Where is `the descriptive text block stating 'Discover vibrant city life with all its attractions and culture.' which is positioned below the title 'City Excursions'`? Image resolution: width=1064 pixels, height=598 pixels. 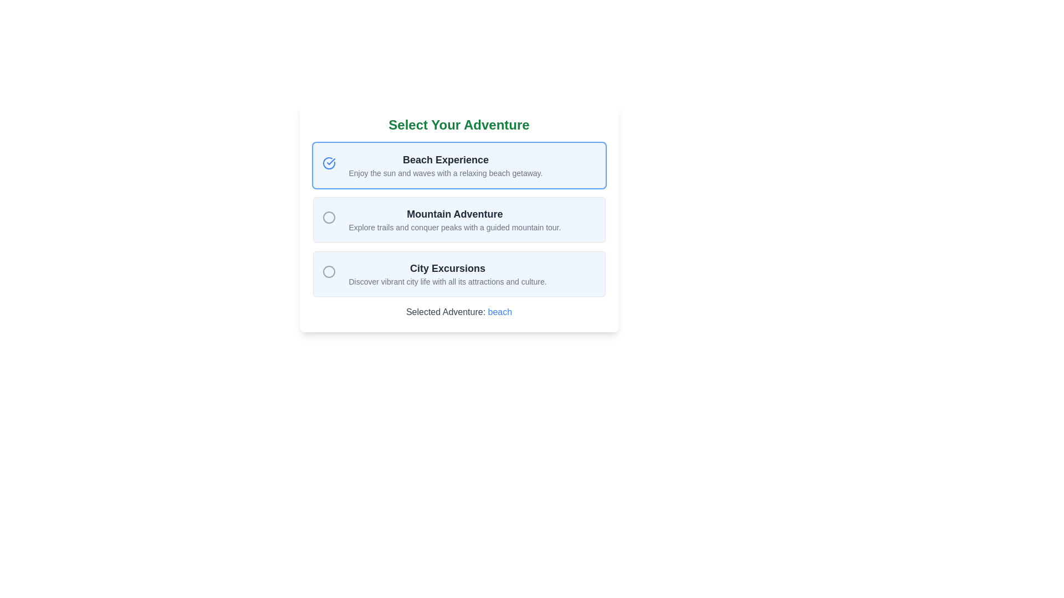 the descriptive text block stating 'Discover vibrant city life with all its attractions and culture.' which is positioned below the title 'City Excursions' is located at coordinates (448, 281).